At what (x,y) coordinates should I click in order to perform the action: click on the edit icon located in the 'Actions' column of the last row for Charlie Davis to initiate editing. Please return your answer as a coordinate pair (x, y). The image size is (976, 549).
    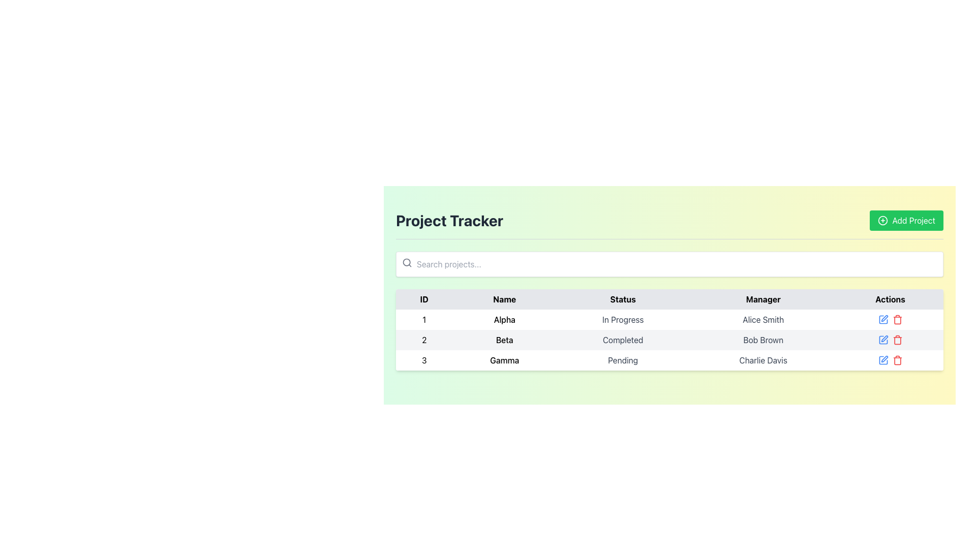
    Looking at the image, I should click on (882, 360).